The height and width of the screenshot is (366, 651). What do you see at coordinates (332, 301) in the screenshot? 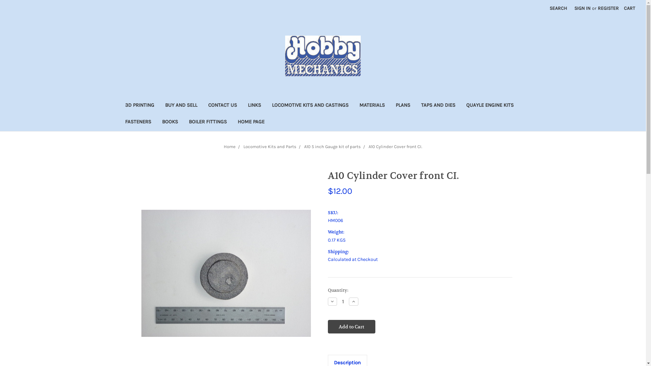
I see `'Decrease Quantity:'` at bounding box center [332, 301].